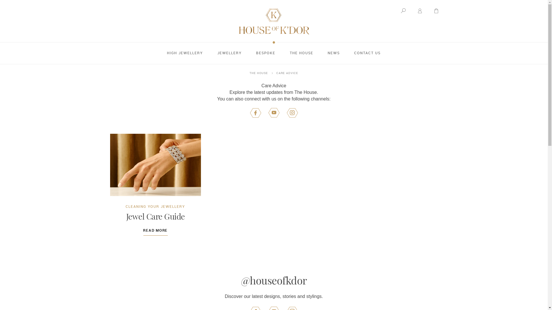 This screenshot has width=552, height=310. I want to click on 'JEWELLERY', so click(229, 53).